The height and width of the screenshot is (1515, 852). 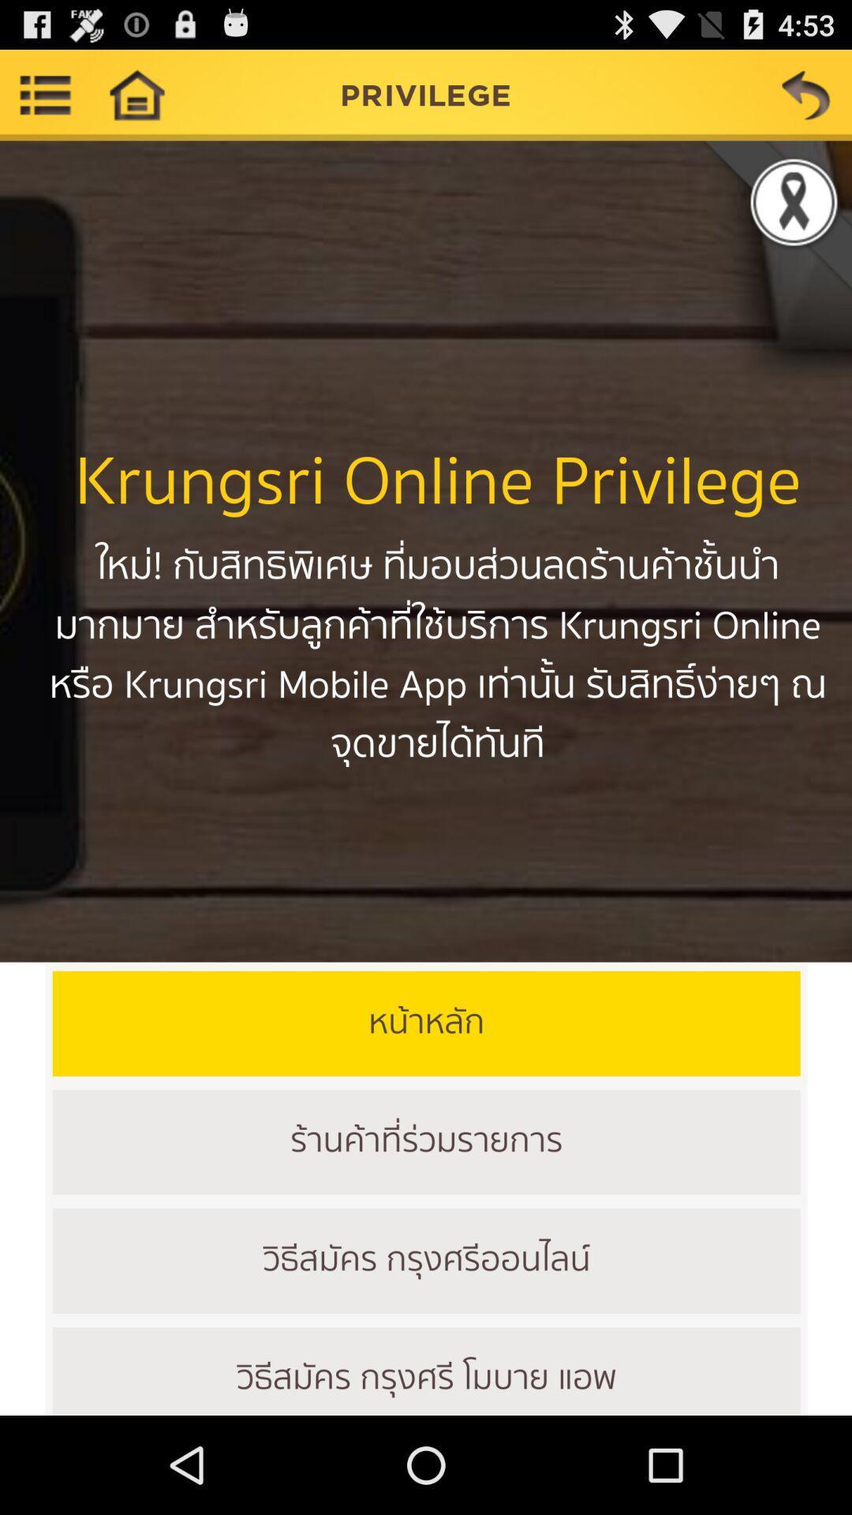 What do you see at coordinates (806, 94) in the screenshot?
I see `previous` at bounding box center [806, 94].